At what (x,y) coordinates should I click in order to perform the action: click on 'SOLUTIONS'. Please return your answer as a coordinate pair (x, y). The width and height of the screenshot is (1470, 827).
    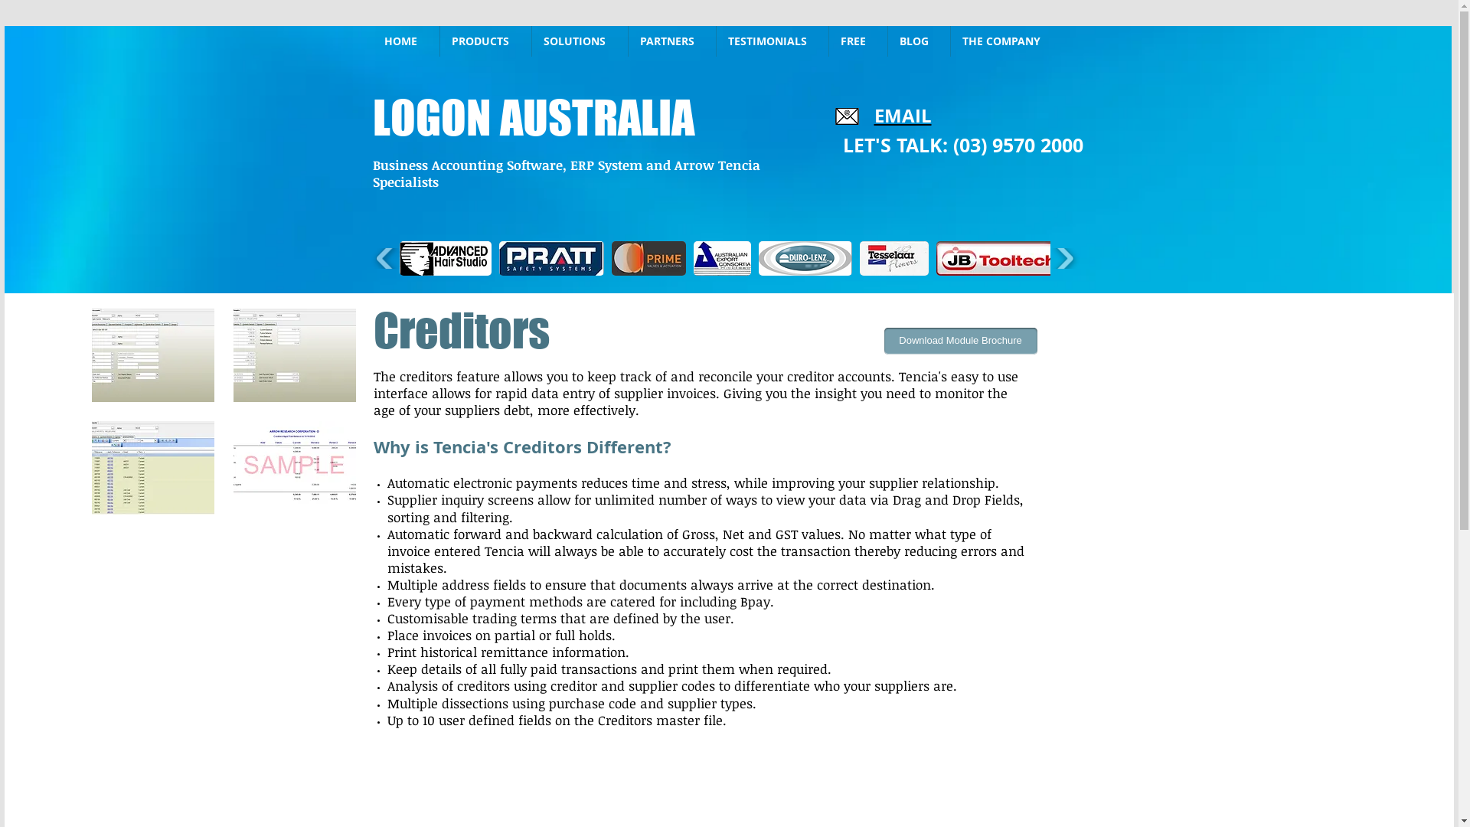
    Looking at the image, I should click on (578, 41).